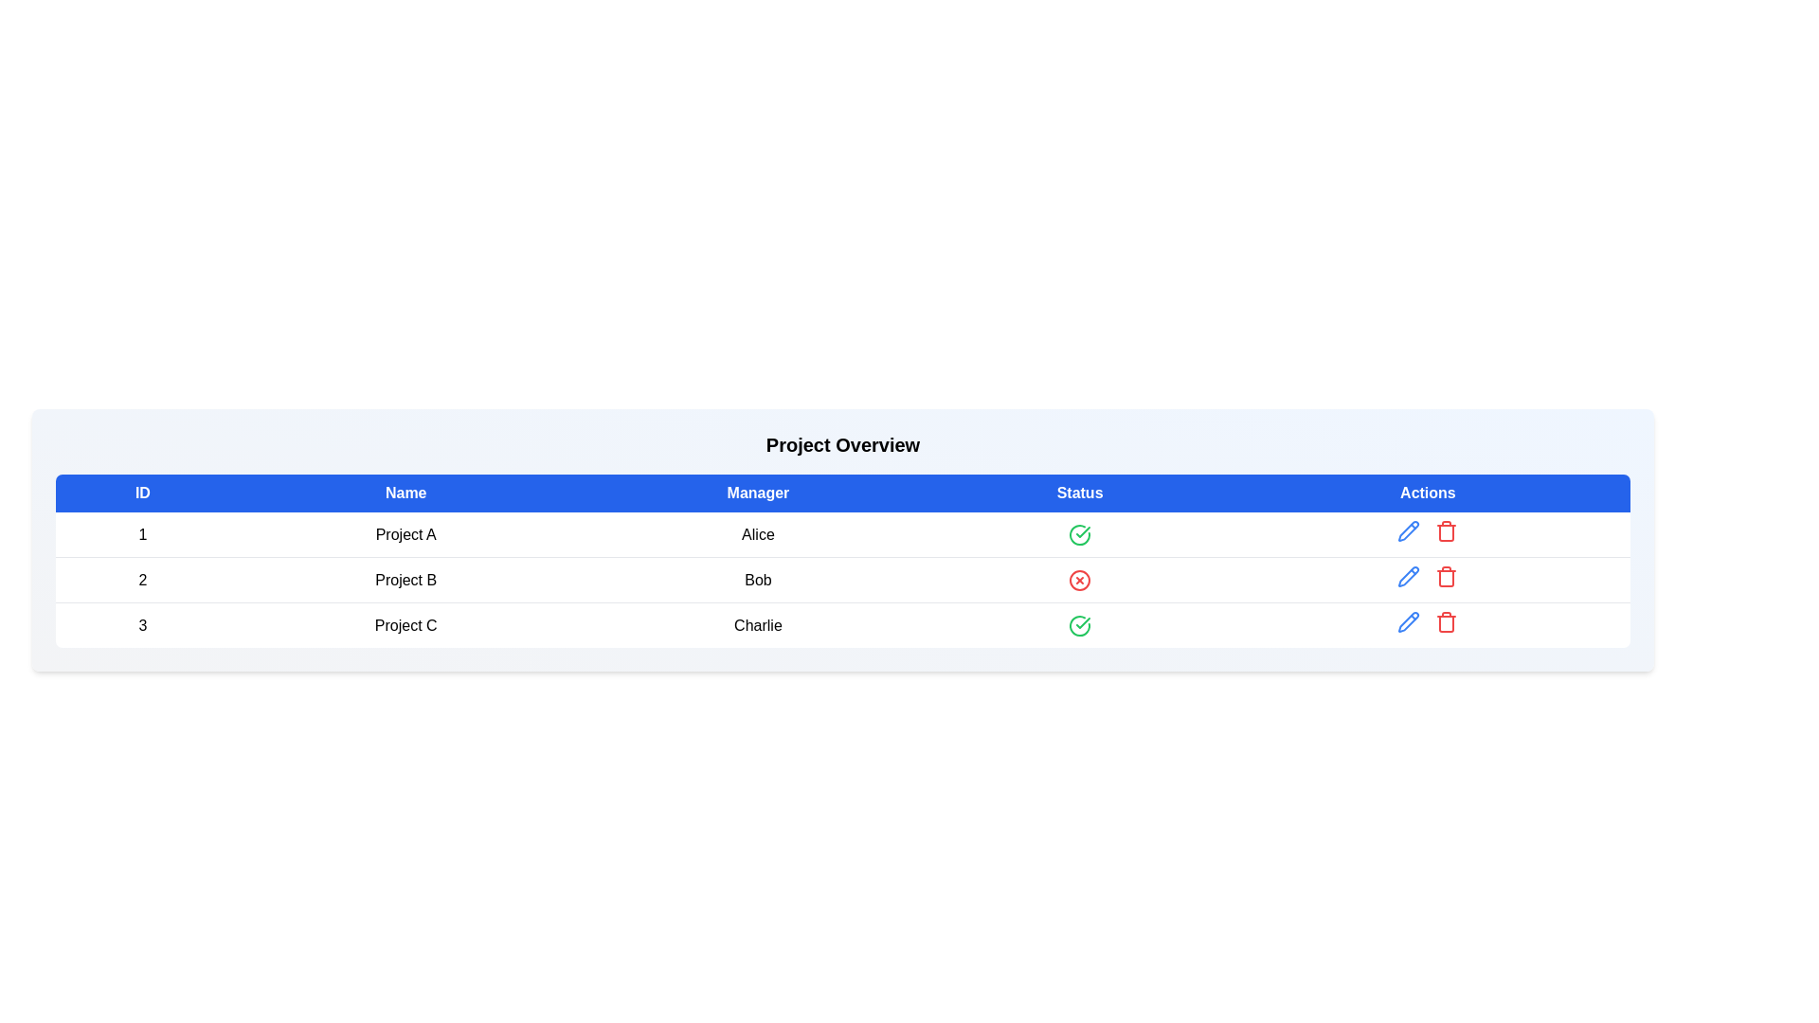  What do you see at coordinates (841, 445) in the screenshot?
I see `title text 'Project Overview' displayed prominently at the top of the card layout` at bounding box center [841, 445].